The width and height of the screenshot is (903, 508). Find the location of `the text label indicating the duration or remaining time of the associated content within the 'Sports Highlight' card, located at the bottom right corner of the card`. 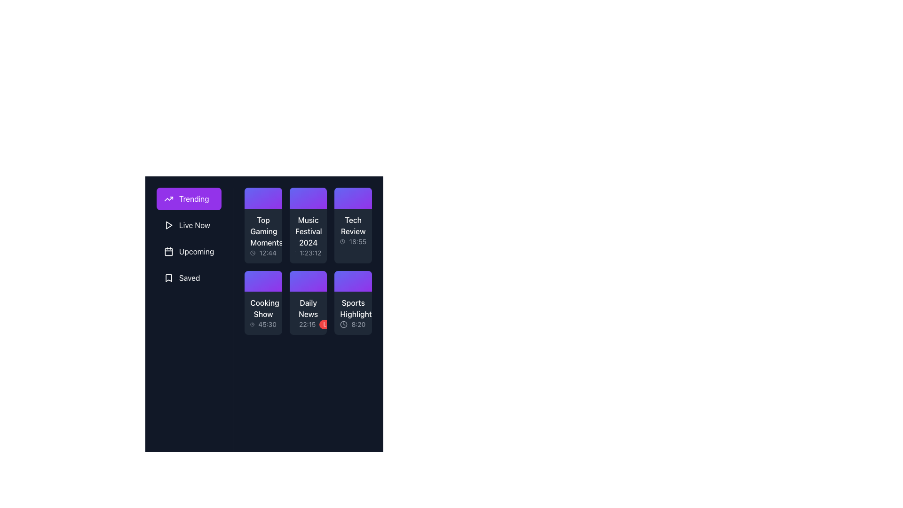

the text label indicating the duration or remaining time of the associated content within the 'Sports Highlight' card, located at the bottom right corner of the card is located at coordinates (358, 324).